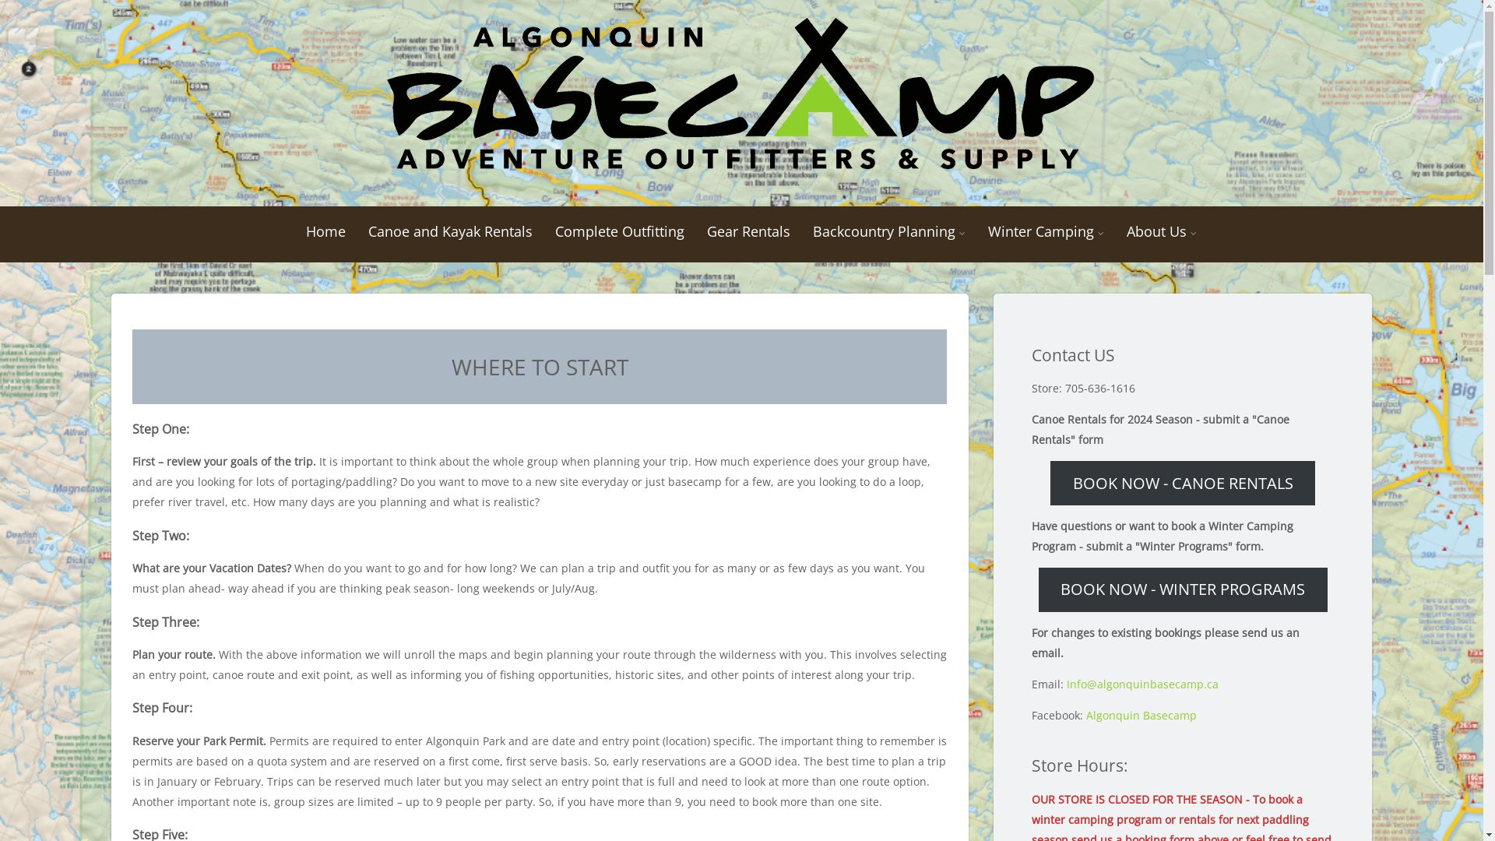 This screenshot has width=1495, height=841. What do you see at coordinates (1142, 683) in the screenshot?
I see `'Info@algonquinbasecamp.ca'` at bounding box center [1142, 683].